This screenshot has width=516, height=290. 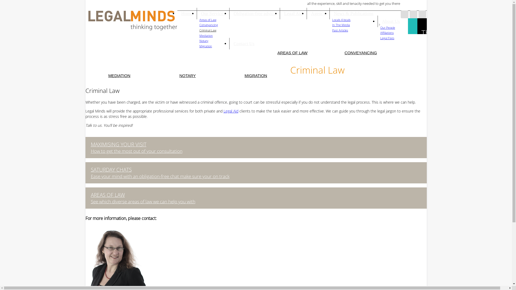 What do you see at coordinates (391, 21) in the screenshot?
I see `'About Us'` at bounding box center [391, 21].